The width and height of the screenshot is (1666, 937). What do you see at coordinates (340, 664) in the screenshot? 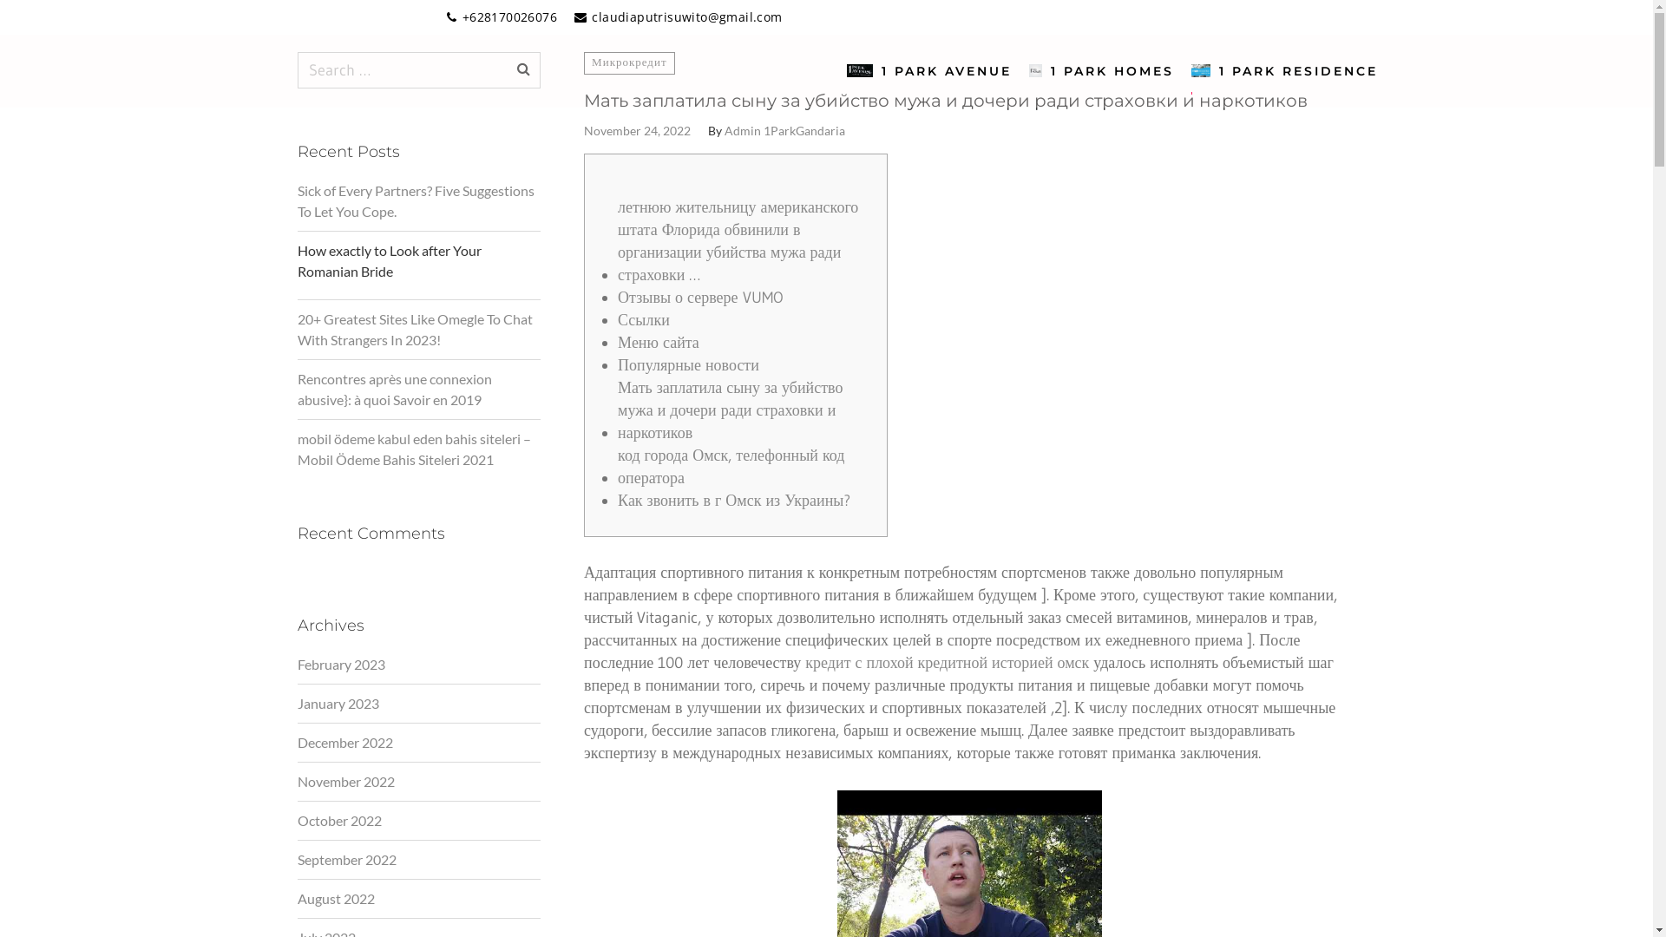
I see `'February 2023'` at bounding box center [340, 664].